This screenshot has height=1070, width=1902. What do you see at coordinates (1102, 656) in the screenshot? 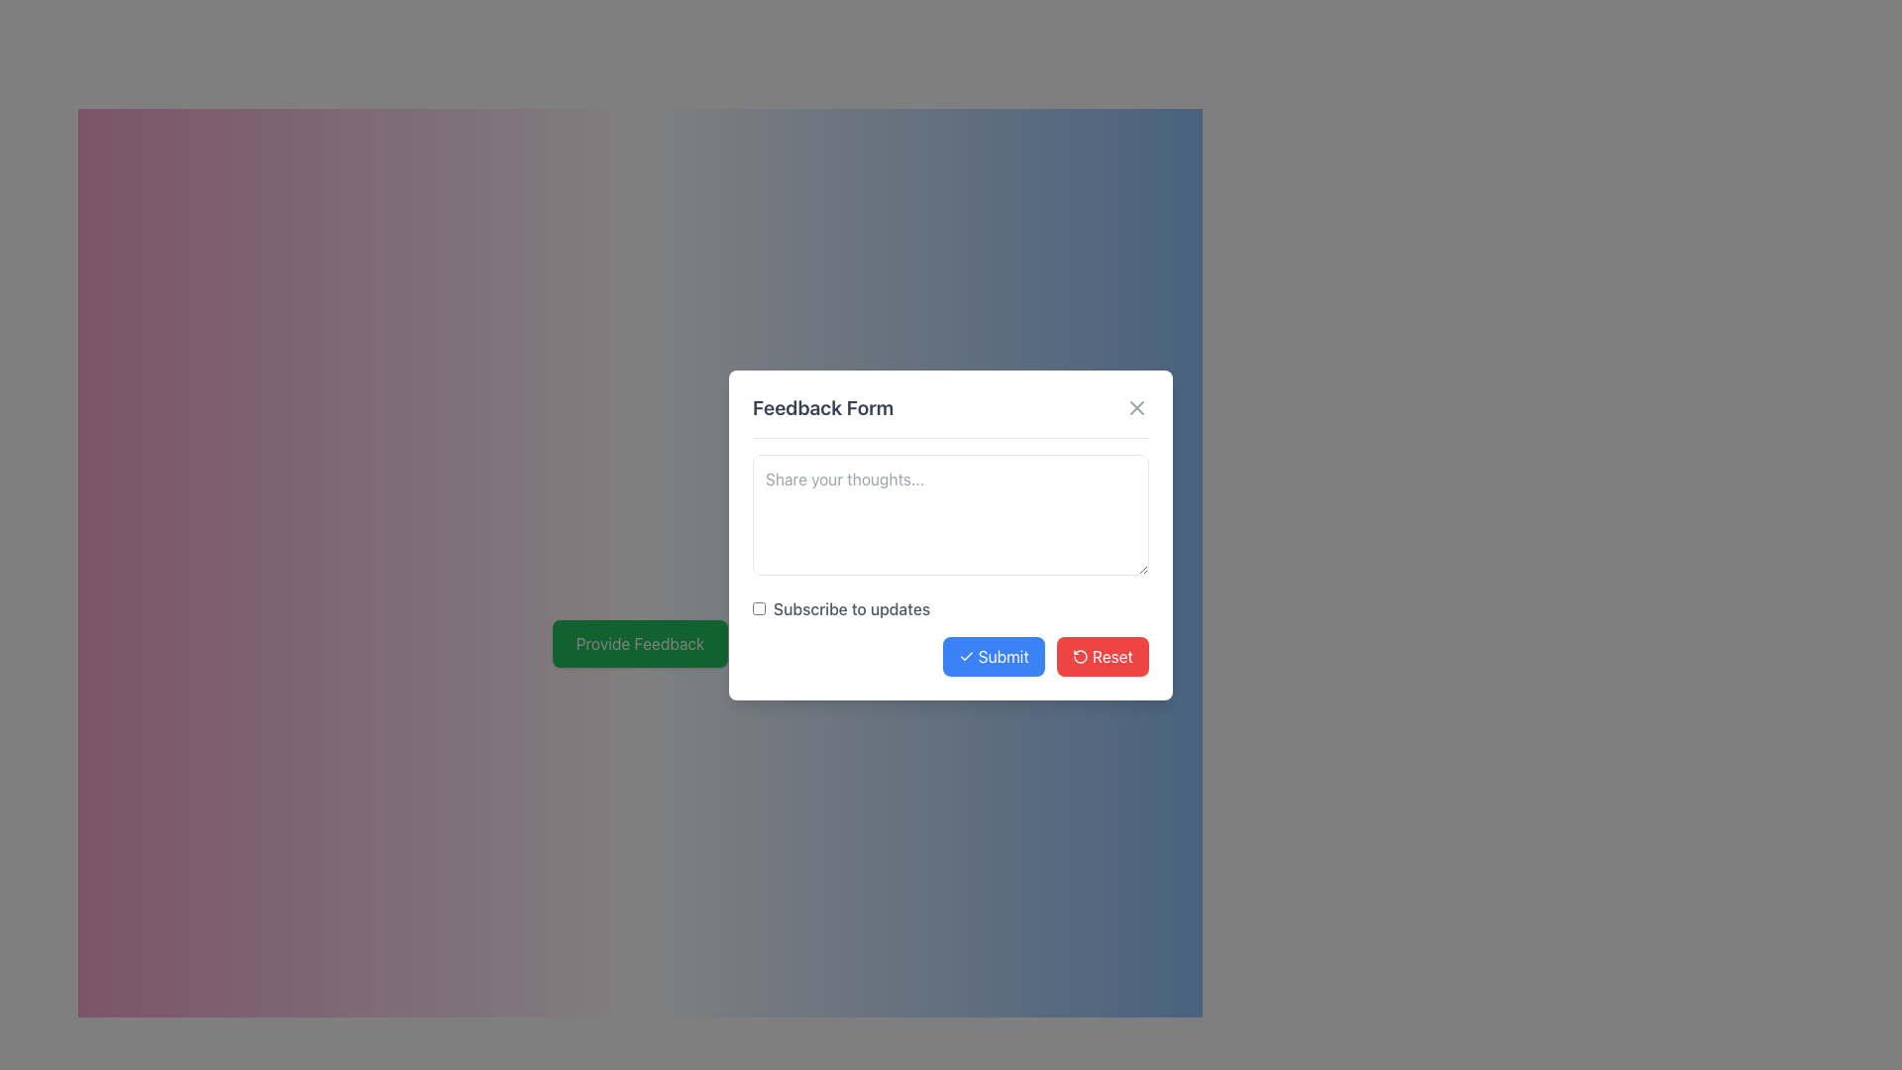
I see `the 'Reset' button, which has a red background and white text with a counter-clockwise arrow icon, located on the right side of the 'Submit' button at the bottom of the modal dialog` at bounding box center [1102, 656].